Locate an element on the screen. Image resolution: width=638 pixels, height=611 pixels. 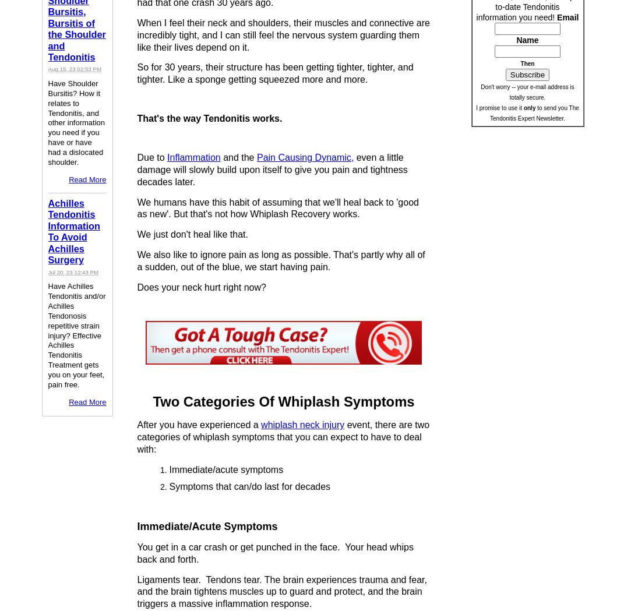
'When I feel their neck and shoulders, their muscles and
connective are incredibly tight, and I can still feel the nervous system
guarding them like their lives depend on it.' is located at coordinates (283, 35).